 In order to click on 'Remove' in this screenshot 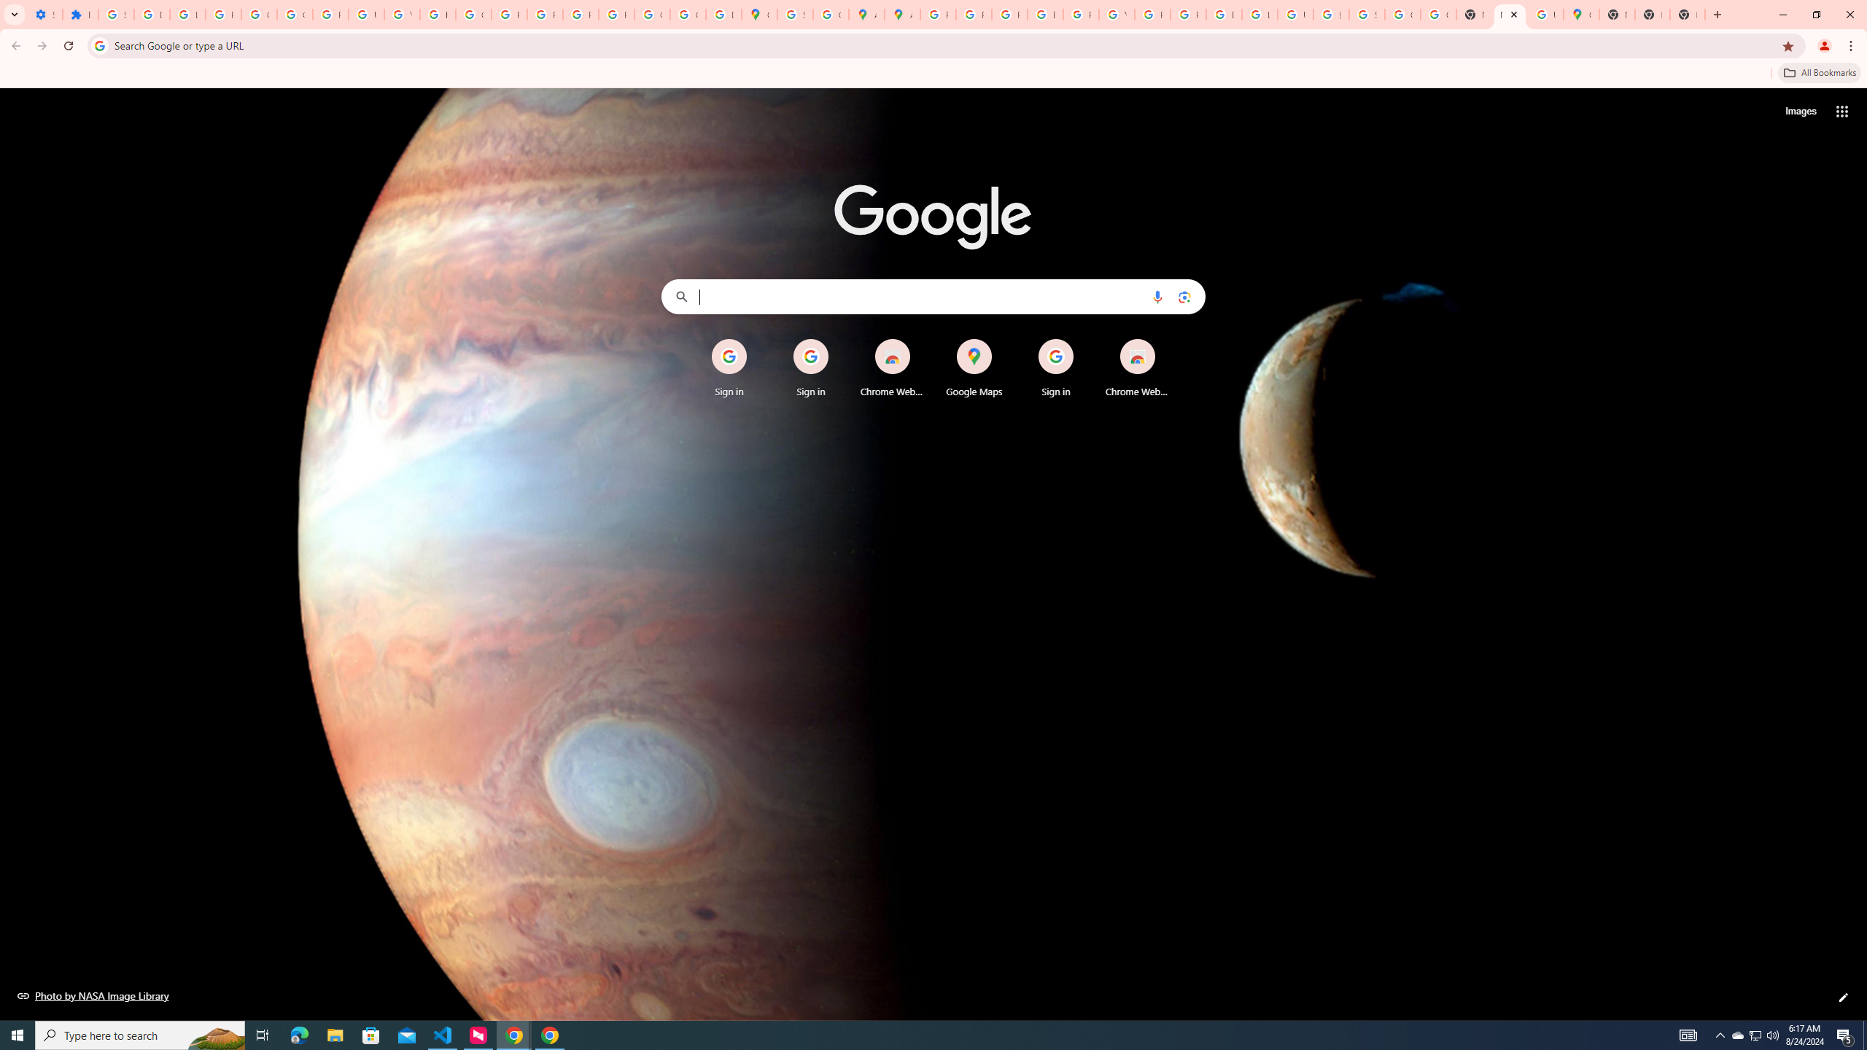, I will do `click(1166, 341)`.